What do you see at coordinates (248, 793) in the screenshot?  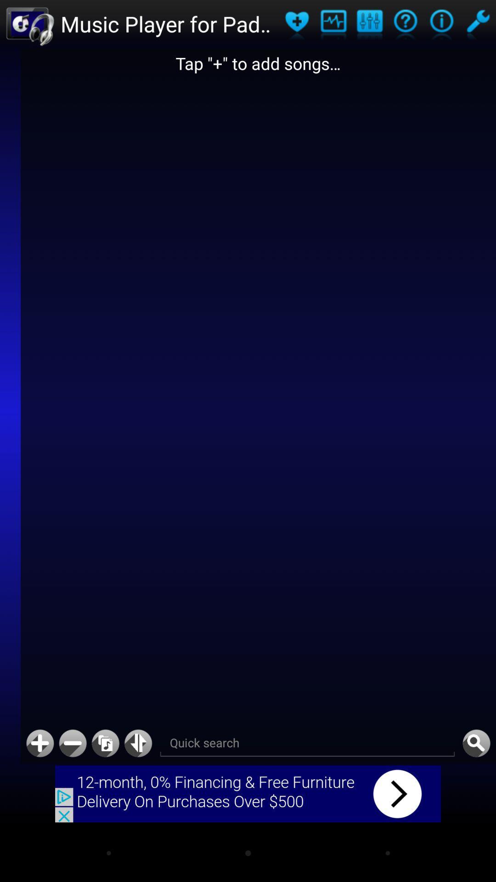 I see `advertisement button` at bounding box center [248, 793].